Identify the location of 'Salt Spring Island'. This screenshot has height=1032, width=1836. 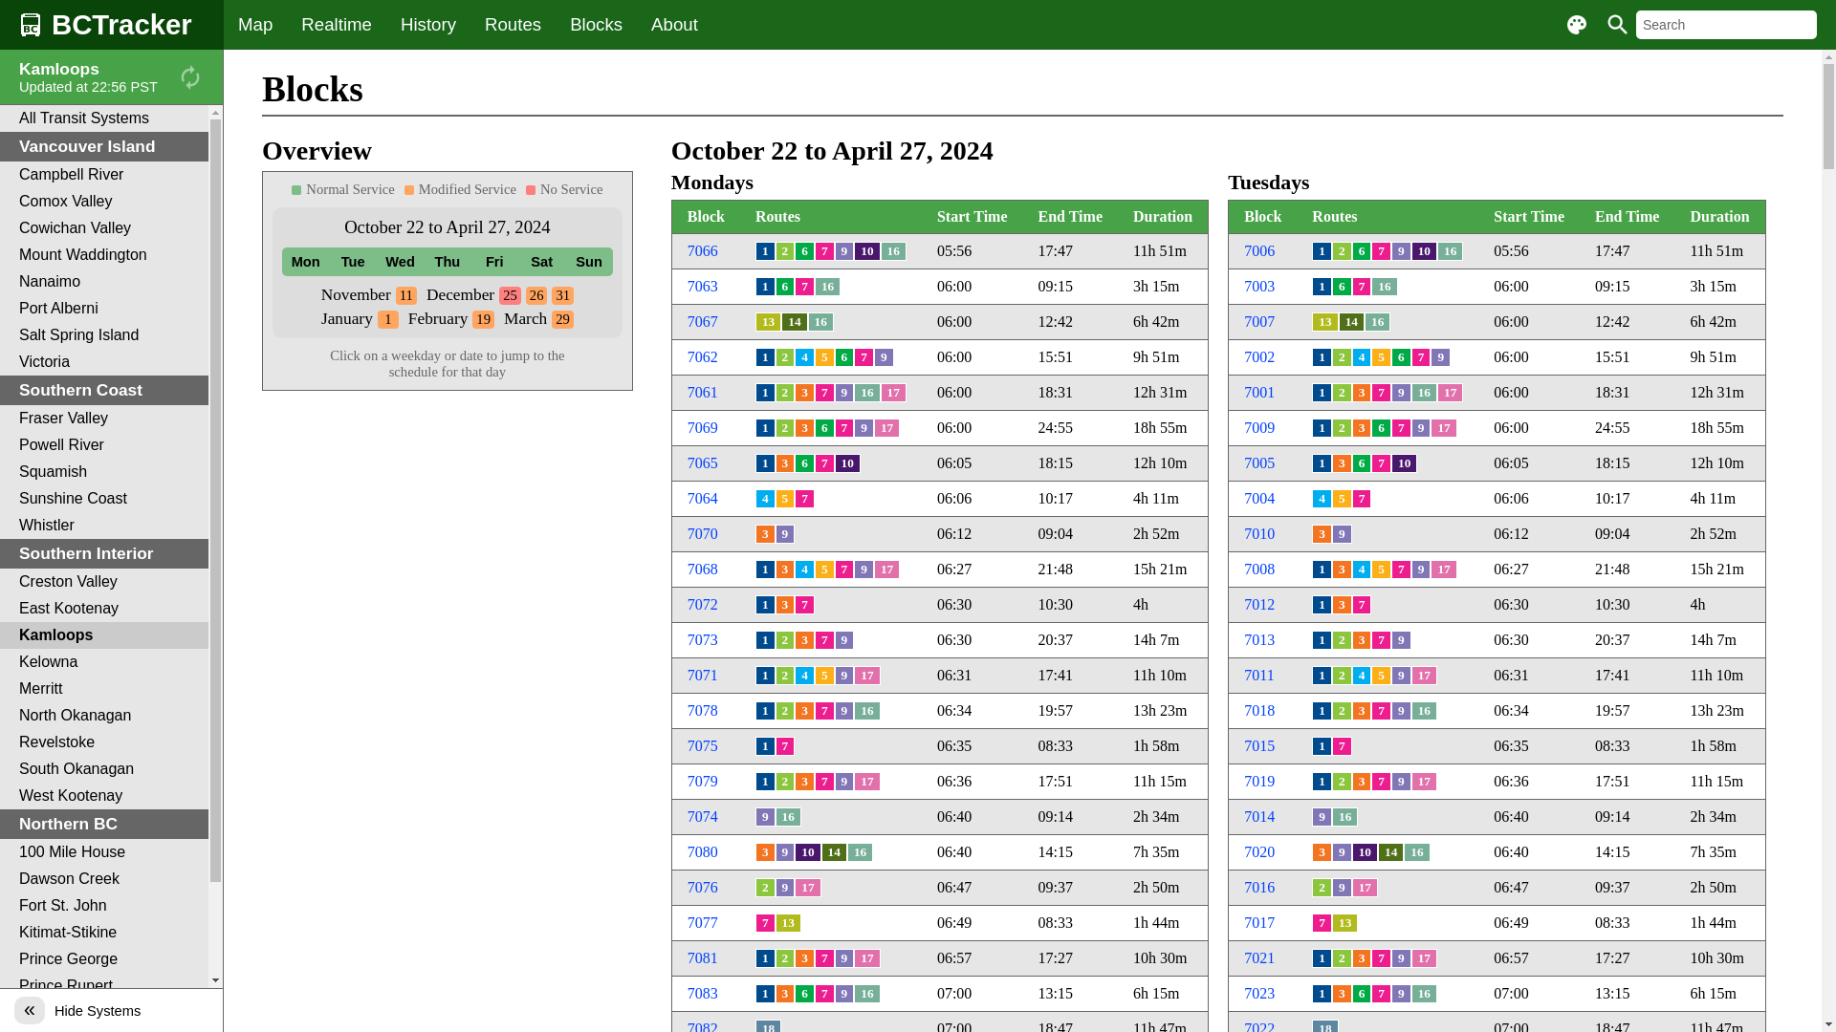
(103, 334).